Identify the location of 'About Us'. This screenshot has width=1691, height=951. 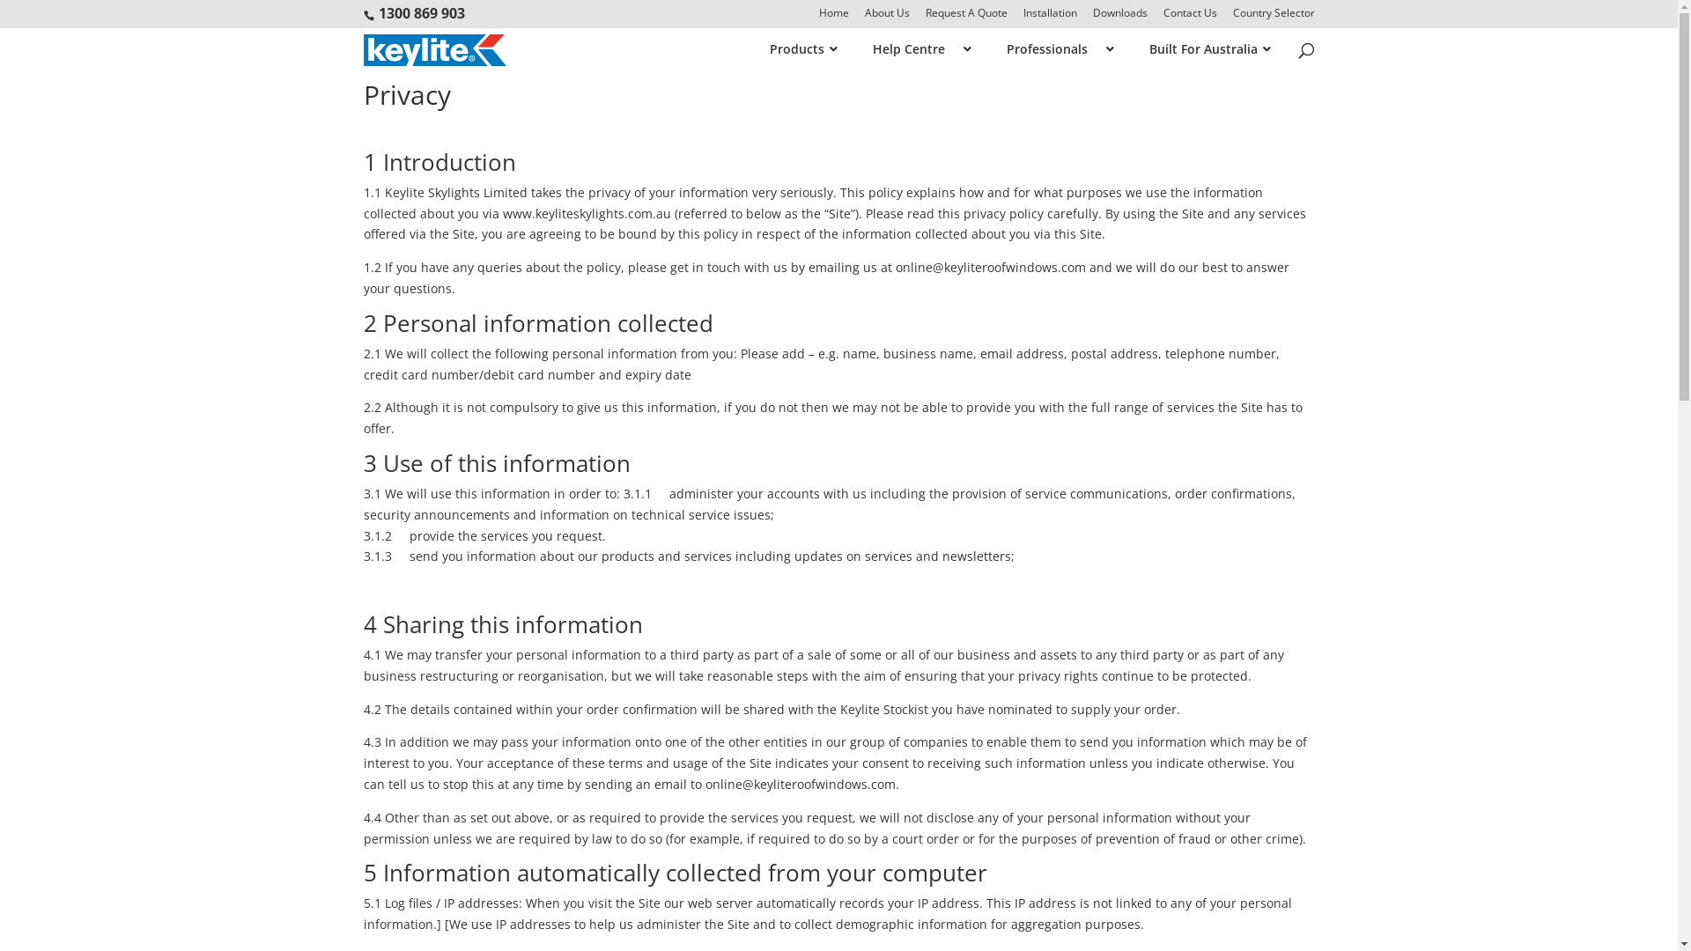
(887, 17).